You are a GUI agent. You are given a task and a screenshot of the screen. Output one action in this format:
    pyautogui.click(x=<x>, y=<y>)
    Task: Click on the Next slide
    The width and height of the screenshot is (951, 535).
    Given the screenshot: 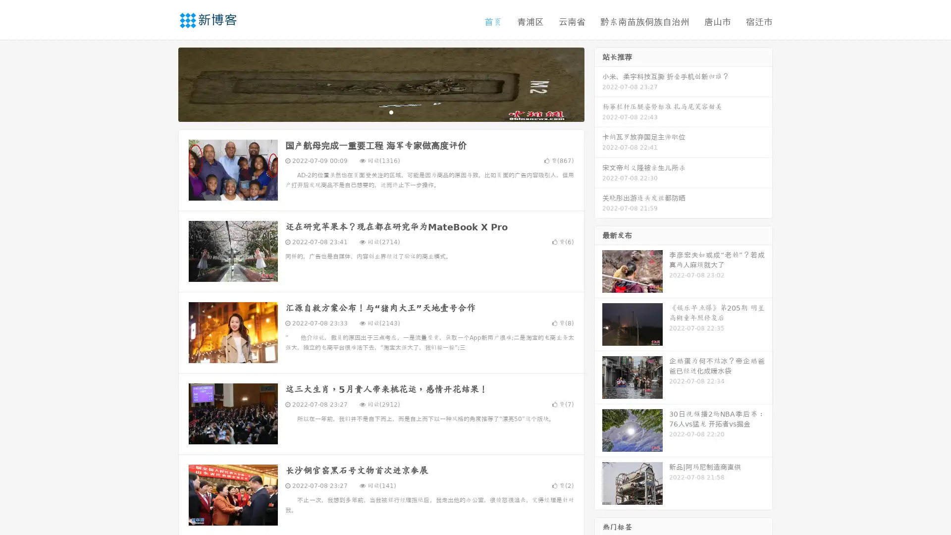 What is the action you would take?
    pyautogui.click(x=598, y=83)
    